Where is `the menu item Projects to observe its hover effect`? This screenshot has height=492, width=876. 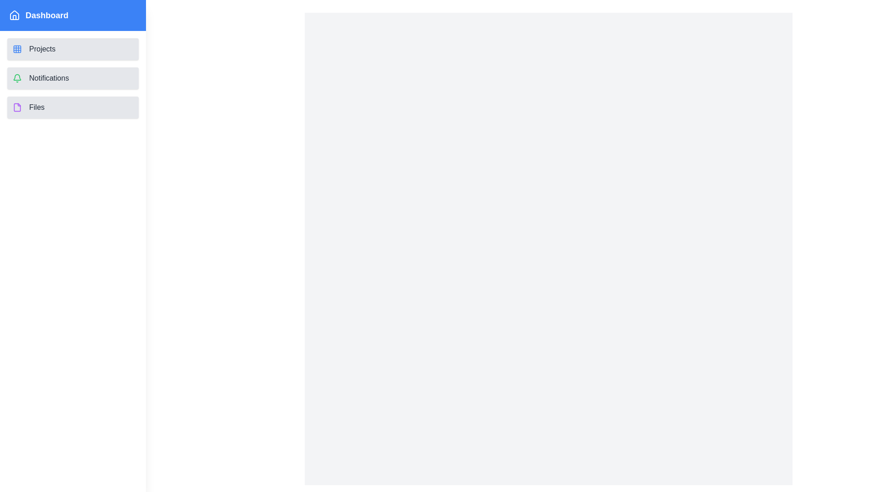
the menu item Projects to observe its hover effect is located at coordinates (72, 49).